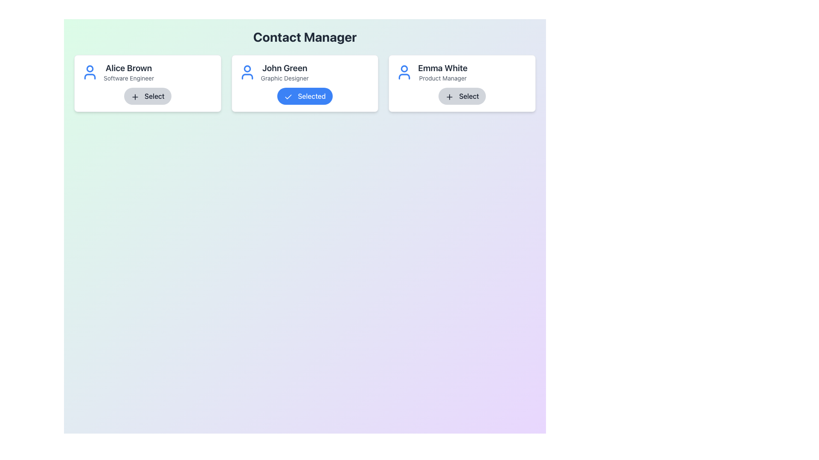 This screenshot has width=819, height=460. Describe the element at coordinates (404, 72) in the screenshot. I see `the user profile icon representing 'Emma White', located in the upper section of the card labeled with her name and title, positioned on the far-right card in a three-card layout` at that location.